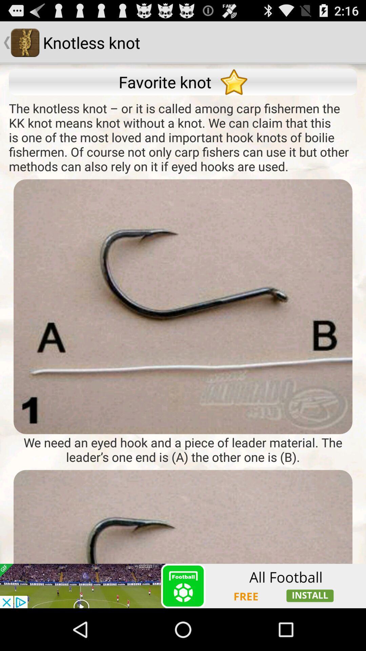 This screenshot has width=366, height=651. What do you see at coordinates (183, 306) in the screenshot?
I see `enlarge the image` at bounding box center [183, 306].